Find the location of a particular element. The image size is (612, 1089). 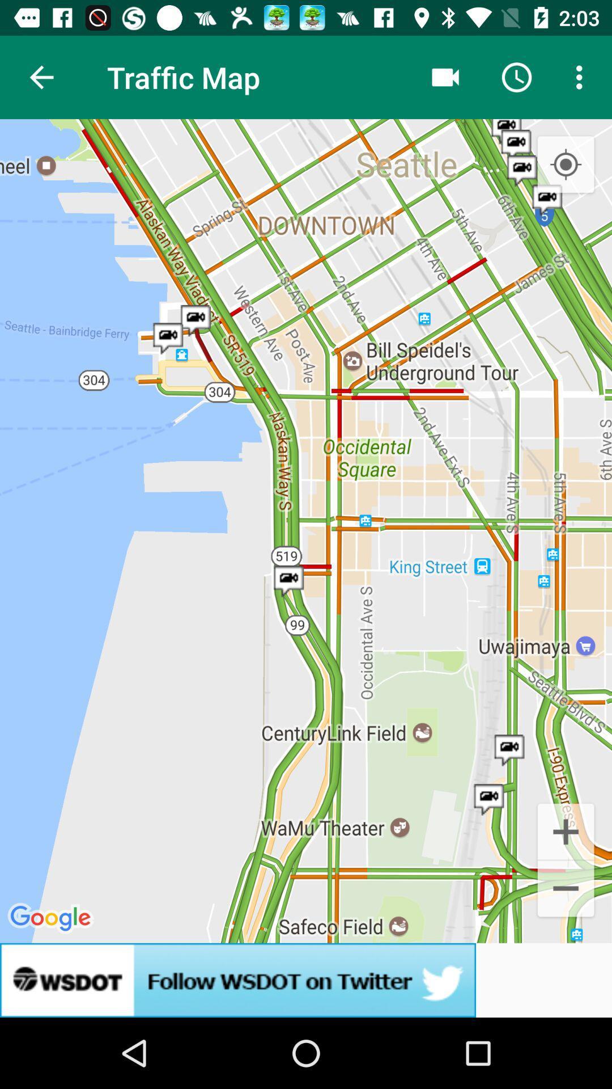

the minus icon is located at coordinates (566, 889).